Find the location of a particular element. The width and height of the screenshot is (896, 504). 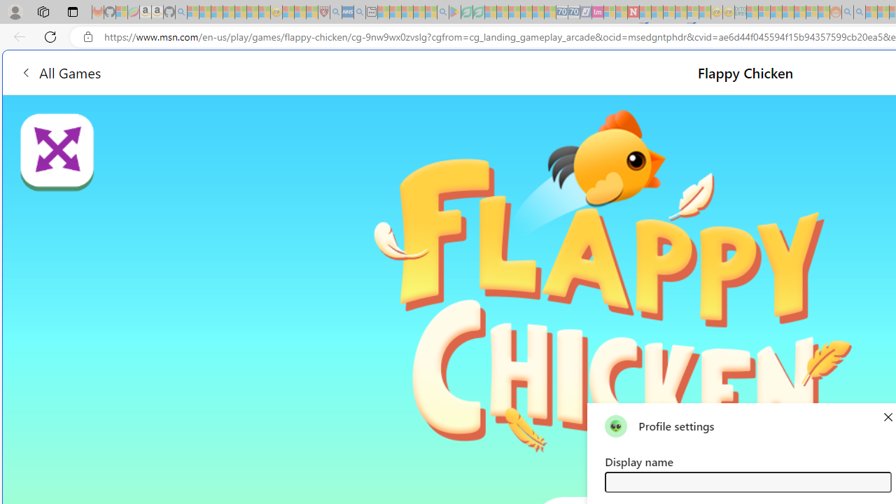

'MSNBC - MSN - Sleeping' is located at coordinates (752, 12).